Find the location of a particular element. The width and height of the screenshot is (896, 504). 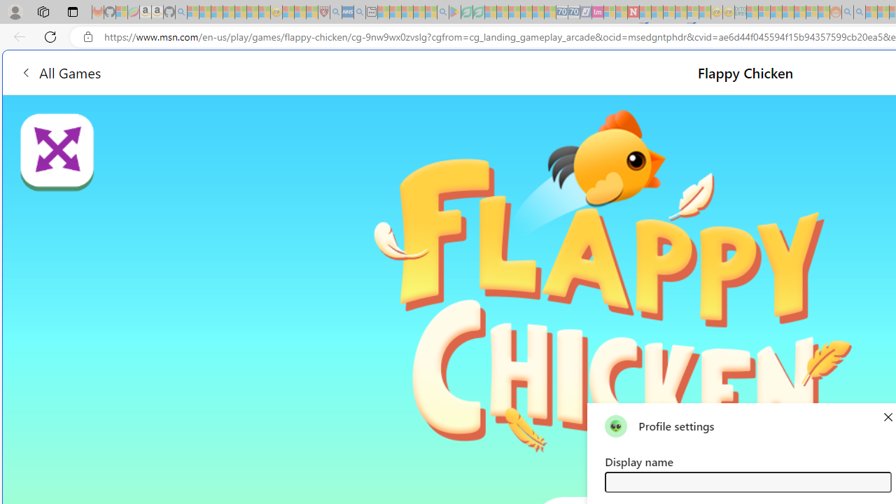

'MSNBC - MSN - Sleeping' is located at coordinates (752, 12).